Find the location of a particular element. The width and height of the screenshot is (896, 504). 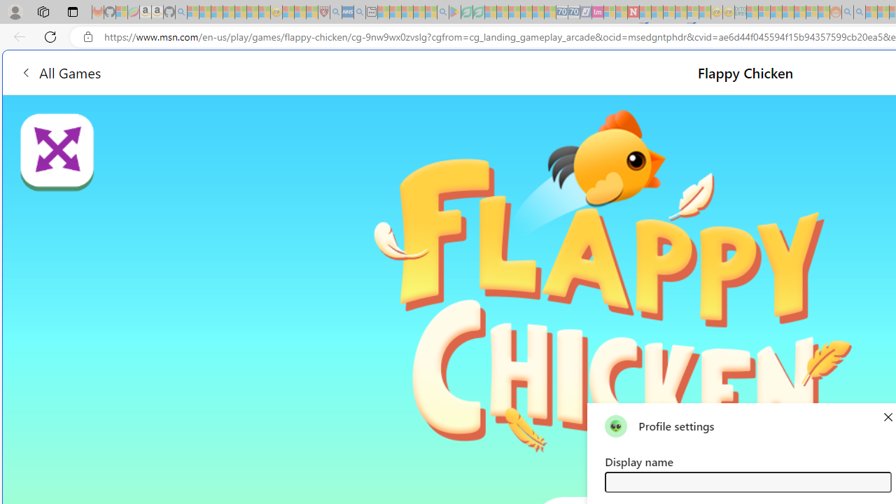

'MSNBC - MSN - Sleeping' is located at coordinates (752, 12).